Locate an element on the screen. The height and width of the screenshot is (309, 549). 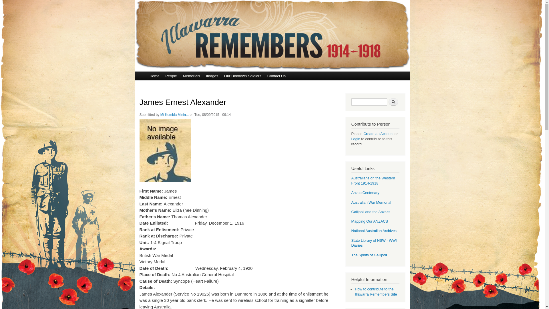
'People' is located at coordinates (162, 76).